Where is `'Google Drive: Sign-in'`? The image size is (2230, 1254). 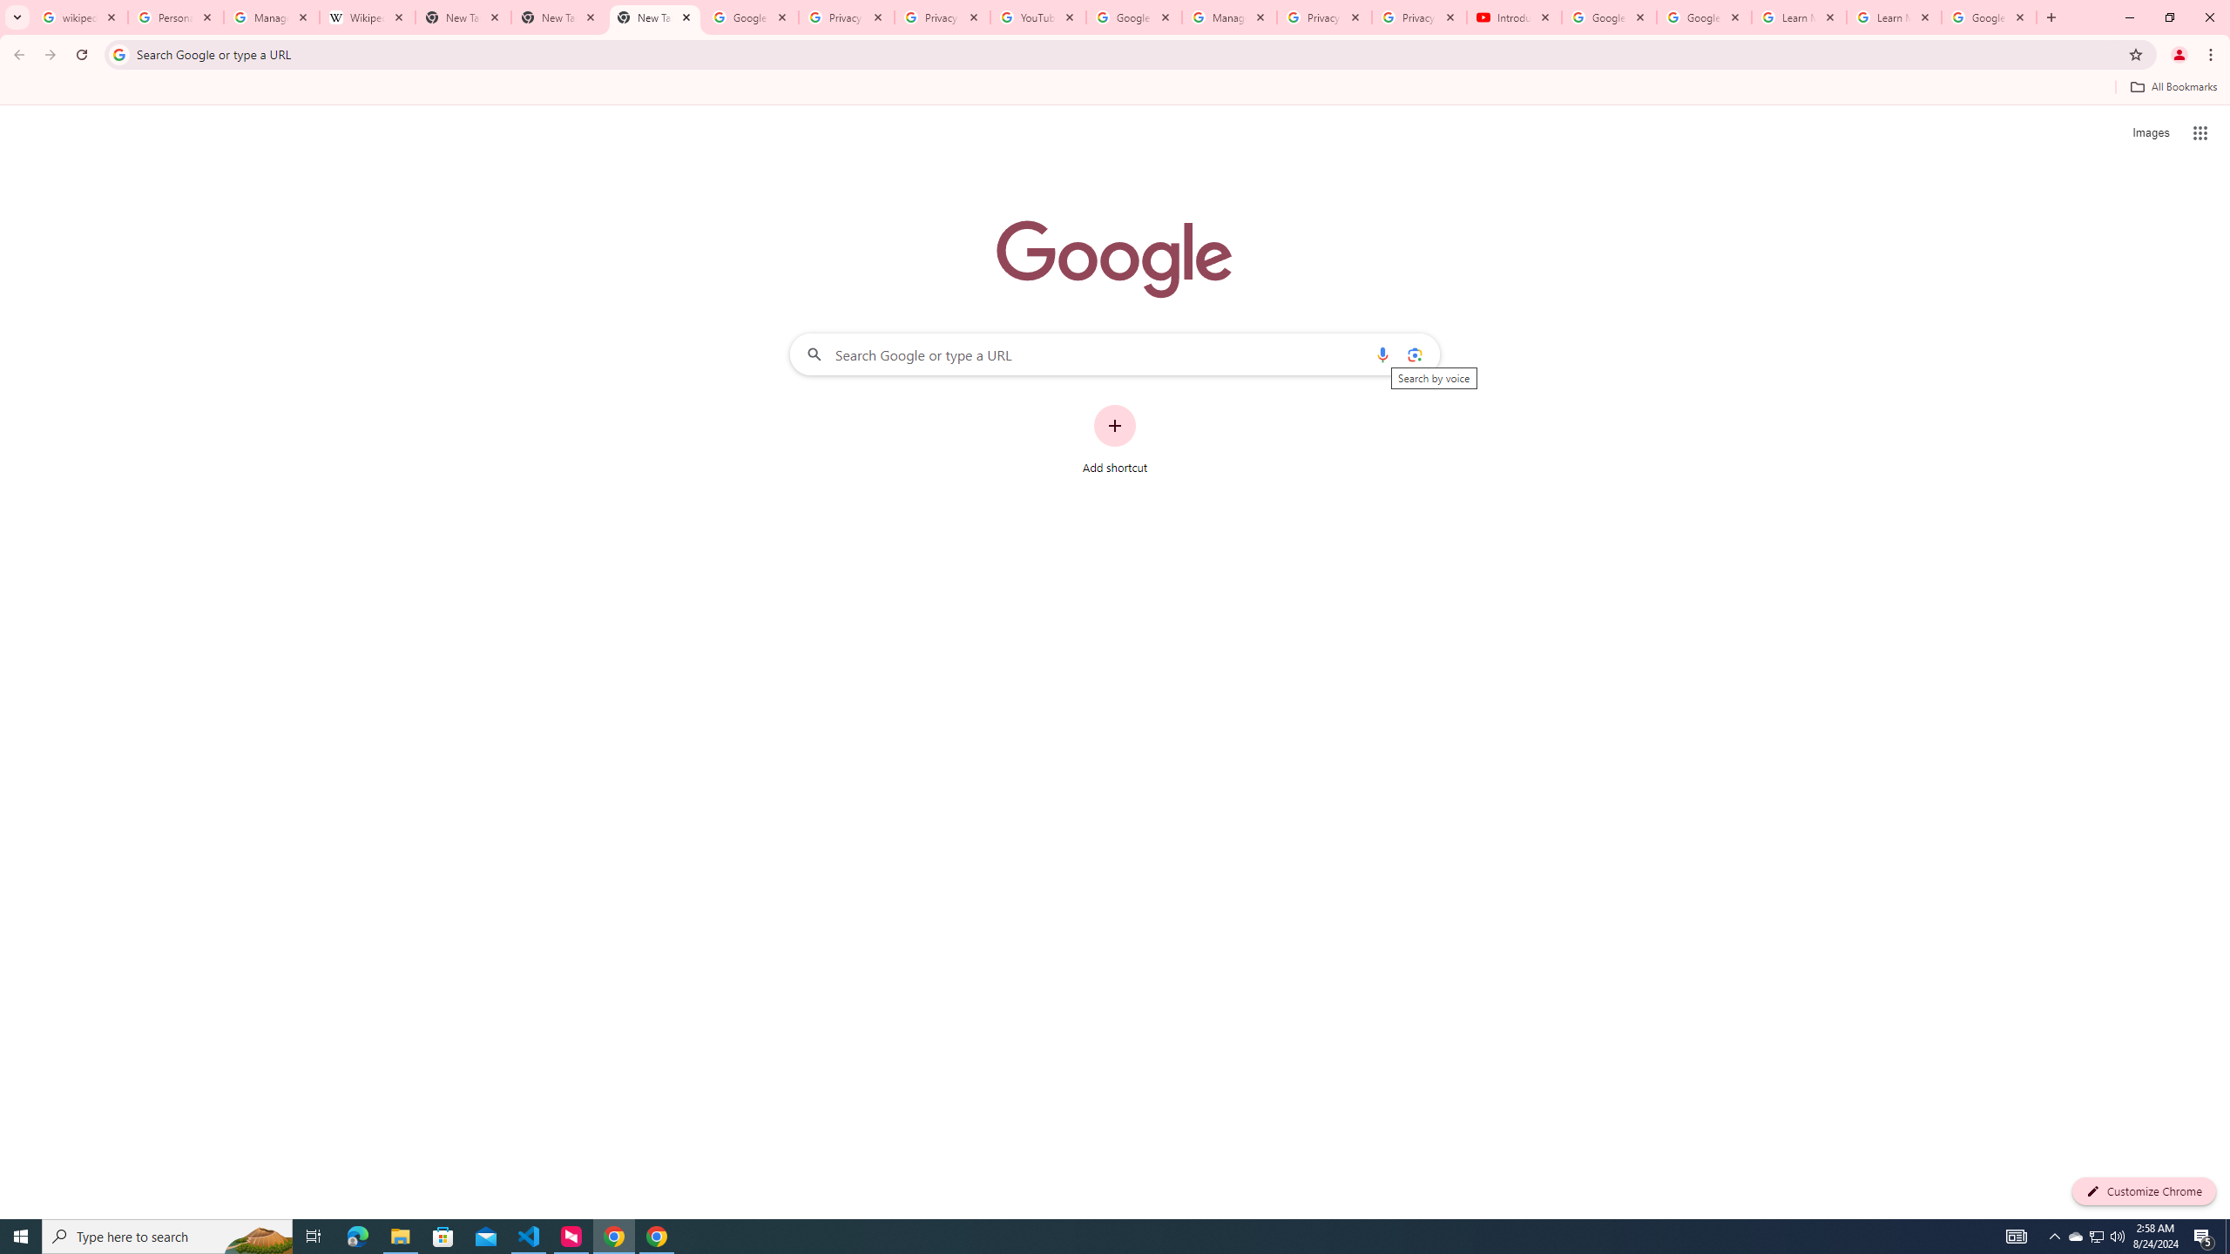
'Google Drive: Sign-in' is located at coordinates (750, 17).